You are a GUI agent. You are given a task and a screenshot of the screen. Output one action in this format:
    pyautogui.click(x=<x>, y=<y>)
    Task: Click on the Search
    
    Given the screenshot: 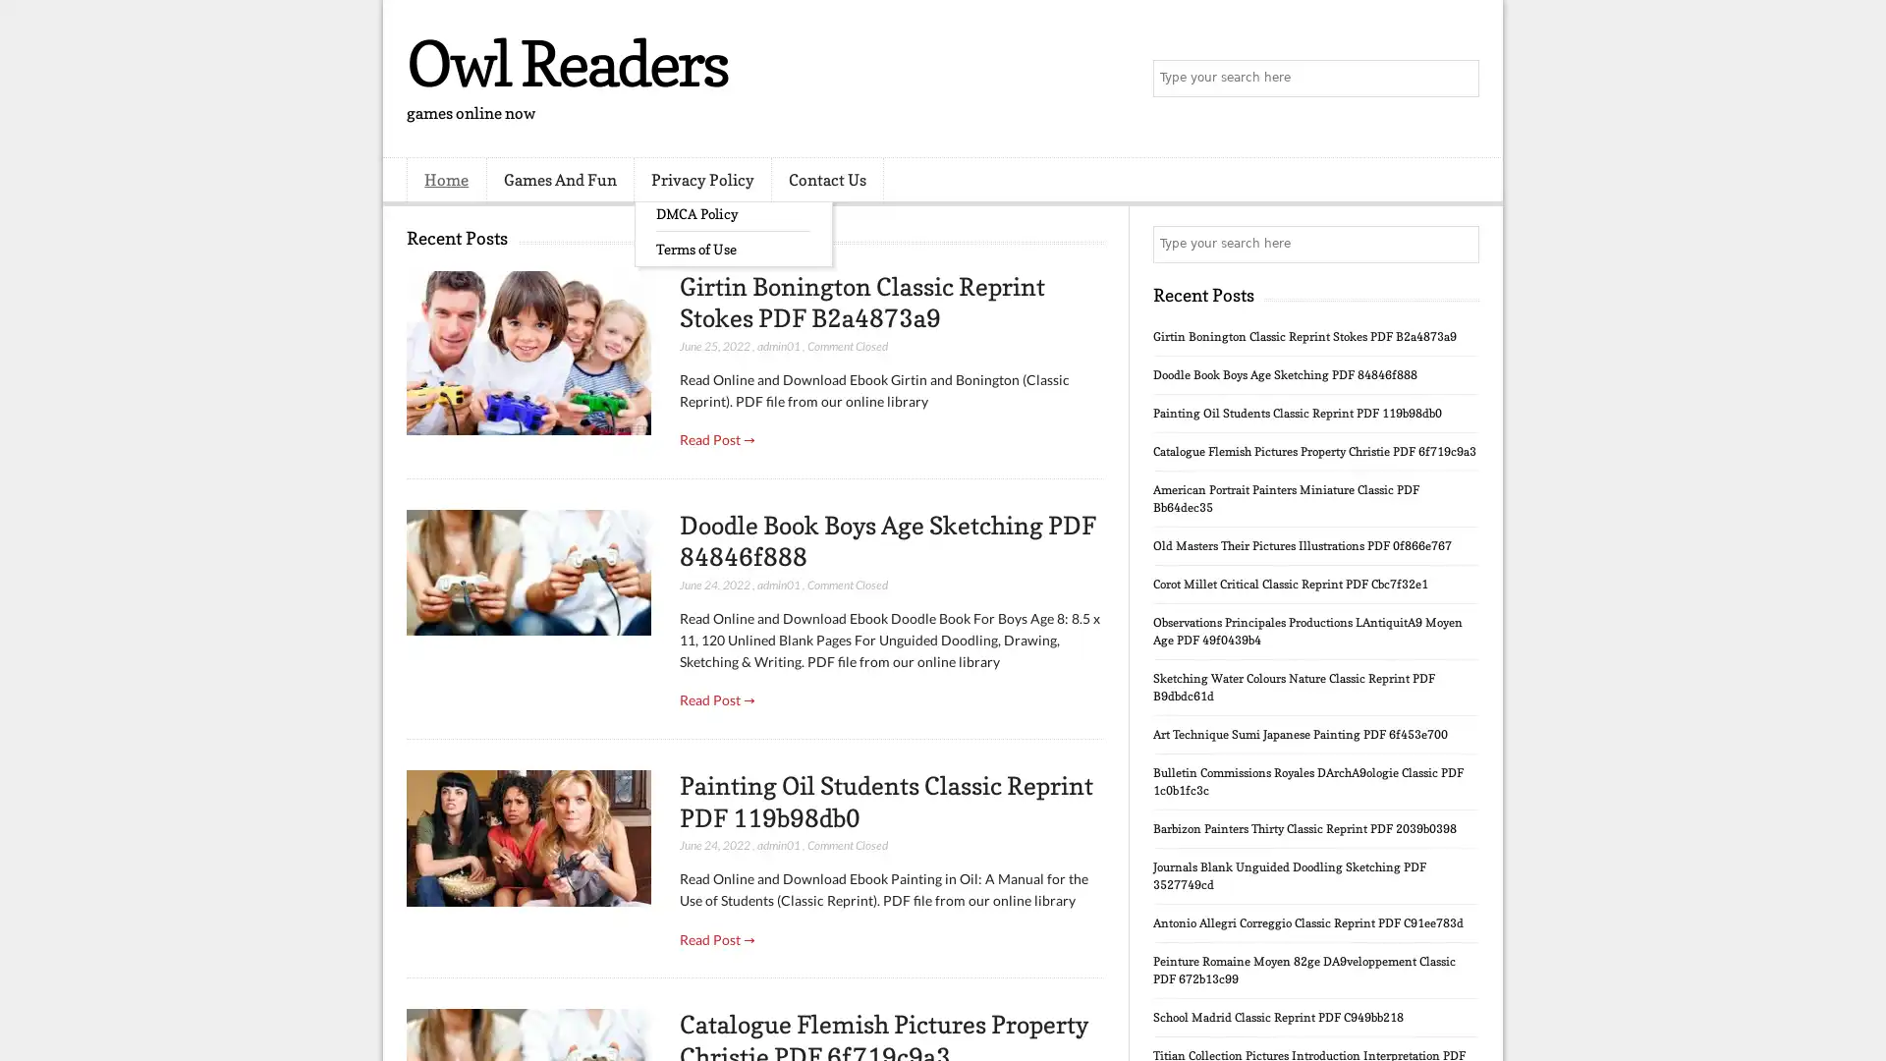 What is the action you would take?
    pyautogui.click(x=1459, y=244)
    